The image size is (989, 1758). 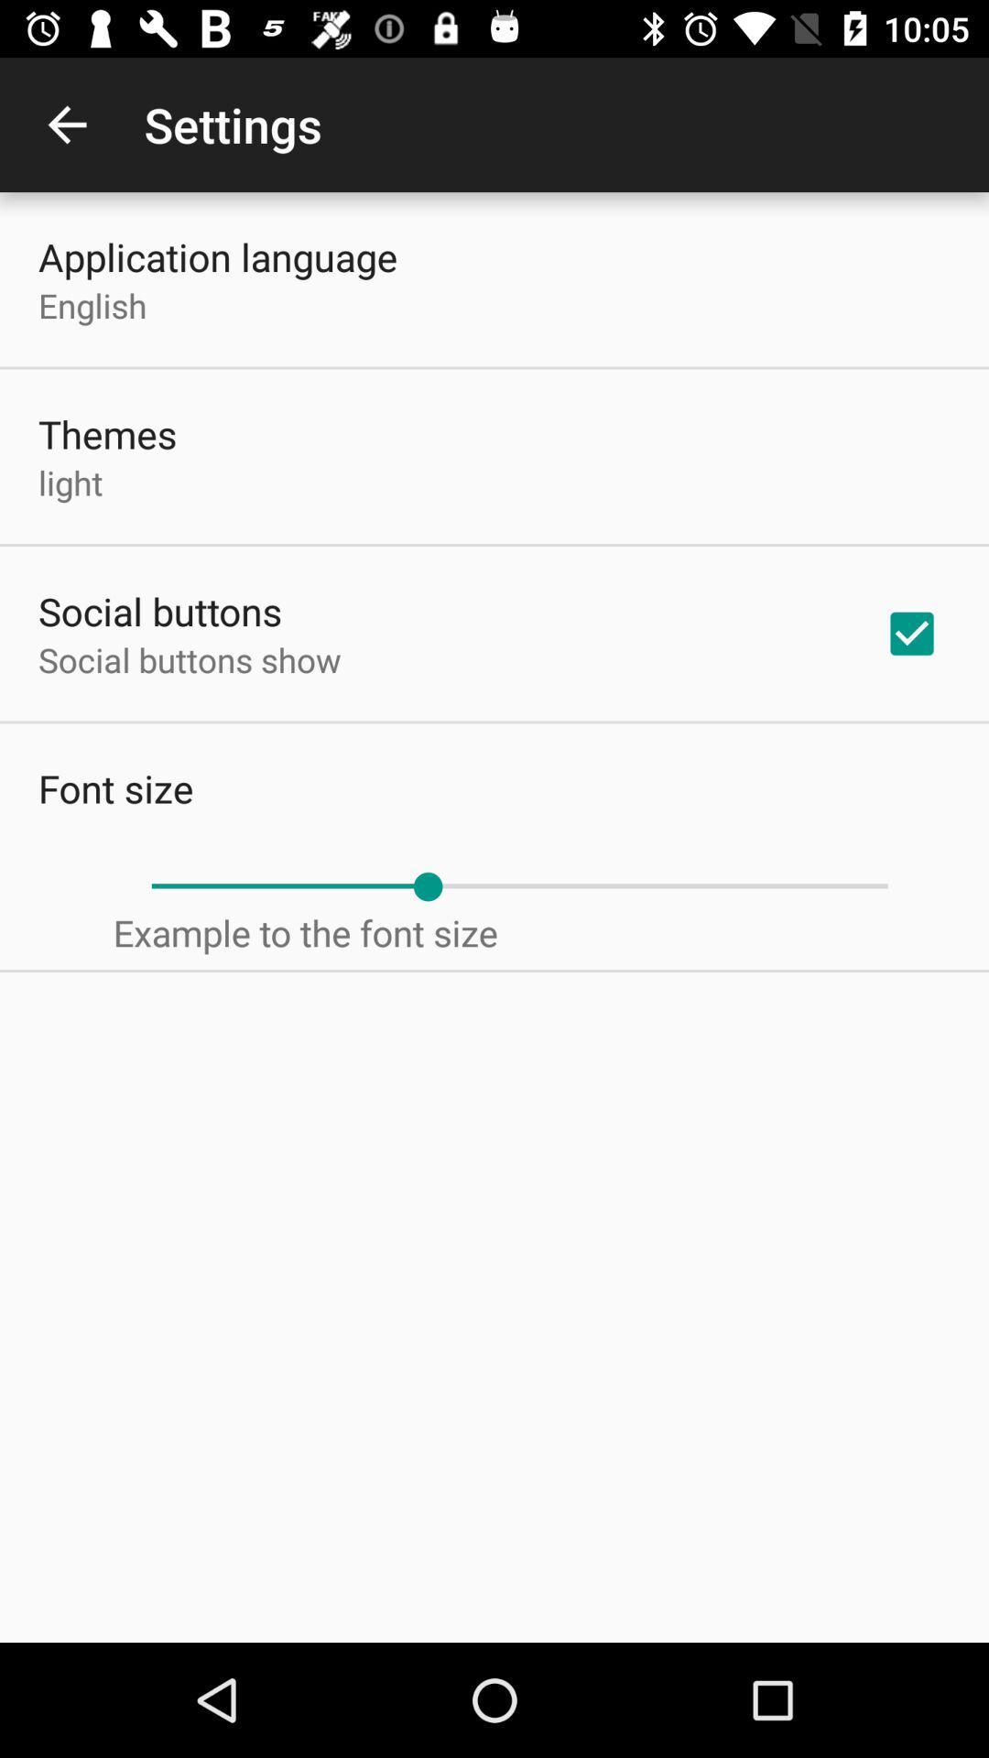 I want to click on light, so click(x=70, y=483).